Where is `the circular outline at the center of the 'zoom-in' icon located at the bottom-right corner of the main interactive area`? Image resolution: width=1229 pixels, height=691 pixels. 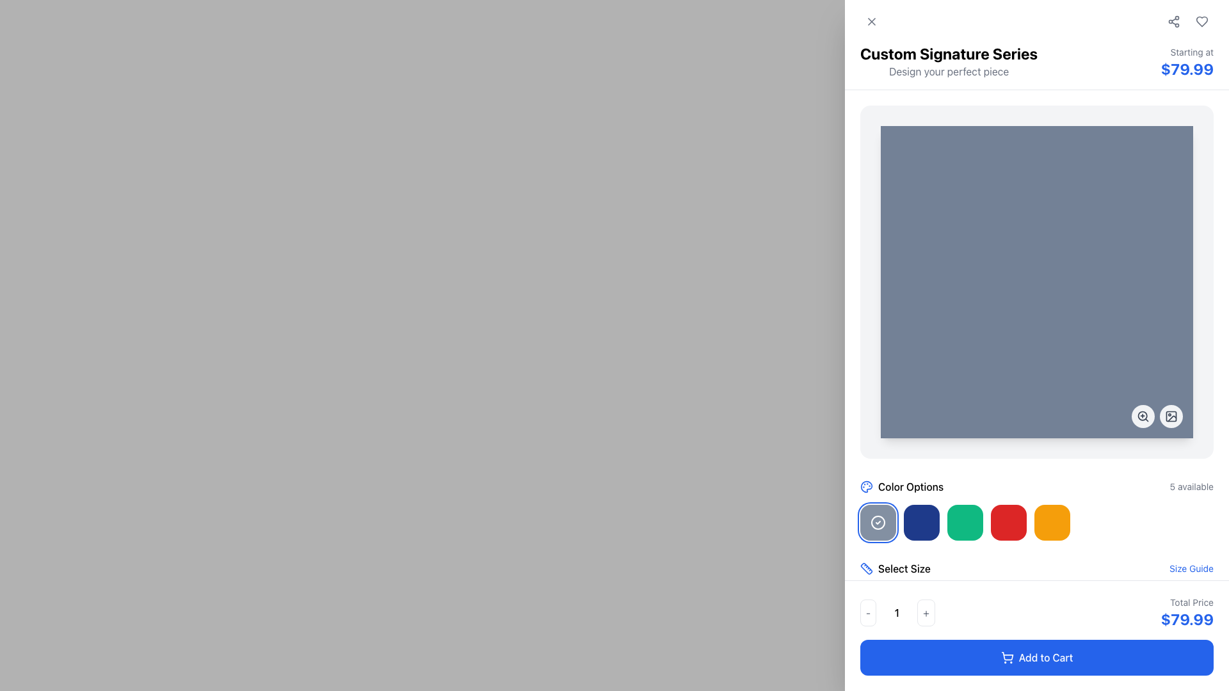
the circular outline at the center of the 'zoom-in' icon located at the bottom-right corner of the main interactive area is located at coordinates (1143, 416).